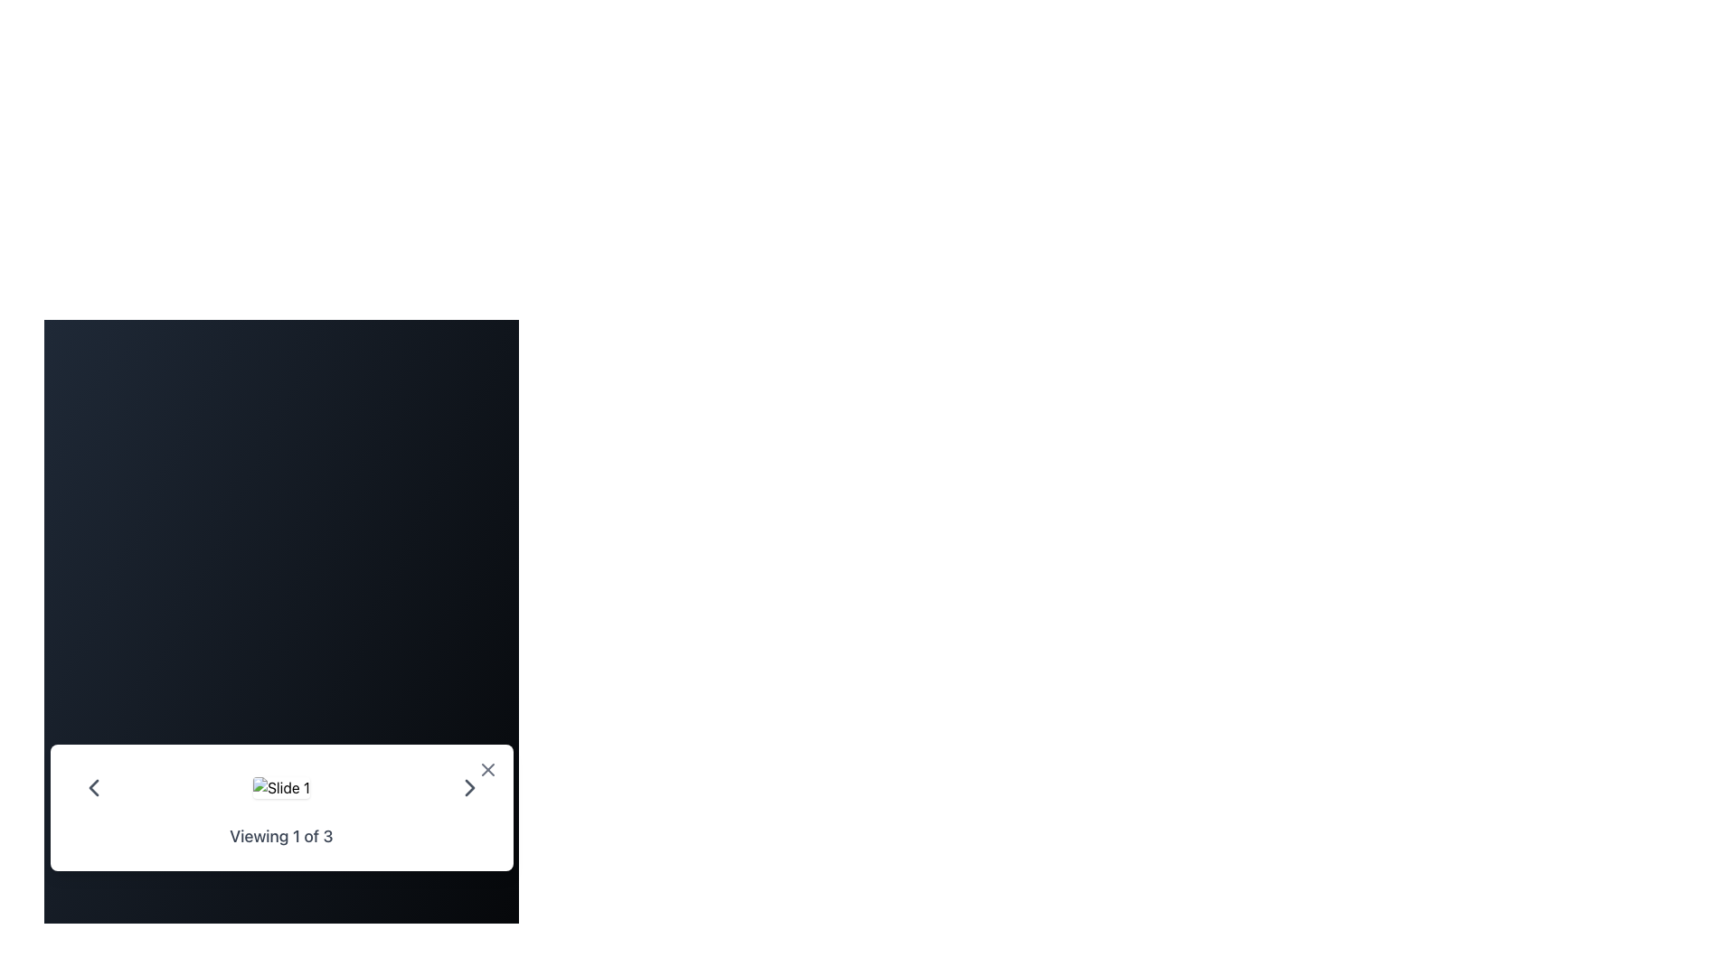 The width and height of the screenshot is (1736, 976). What do you see at coordinates (92, 786) in the screenshot?
I see `the leftward-pointing arrow icon, which is a simplistic chevron design located on the leftmost side of the navigation panel` at bounding box center [92, 786].